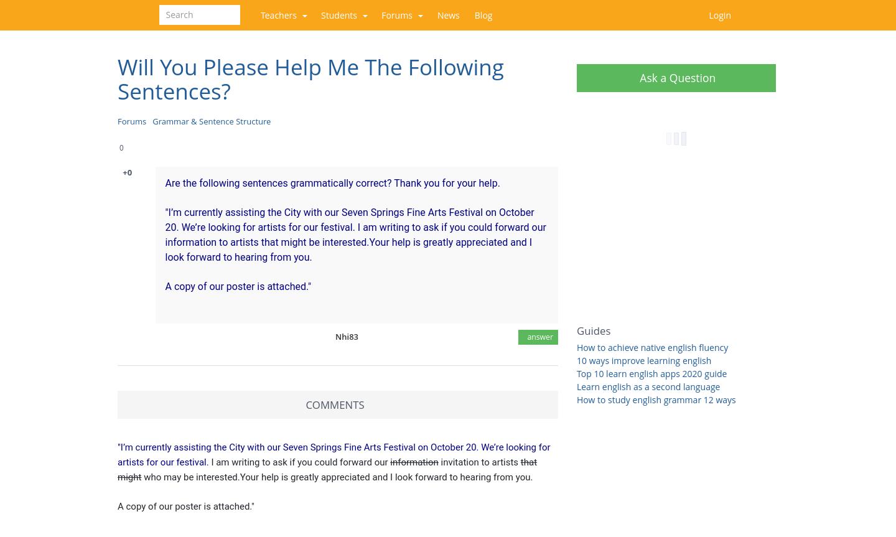 The height and width of the screenshot is (537, 896). Describe the element at coordinates (648, 386) in the screenshot. I see `'Learn english as a second language'` at that location.